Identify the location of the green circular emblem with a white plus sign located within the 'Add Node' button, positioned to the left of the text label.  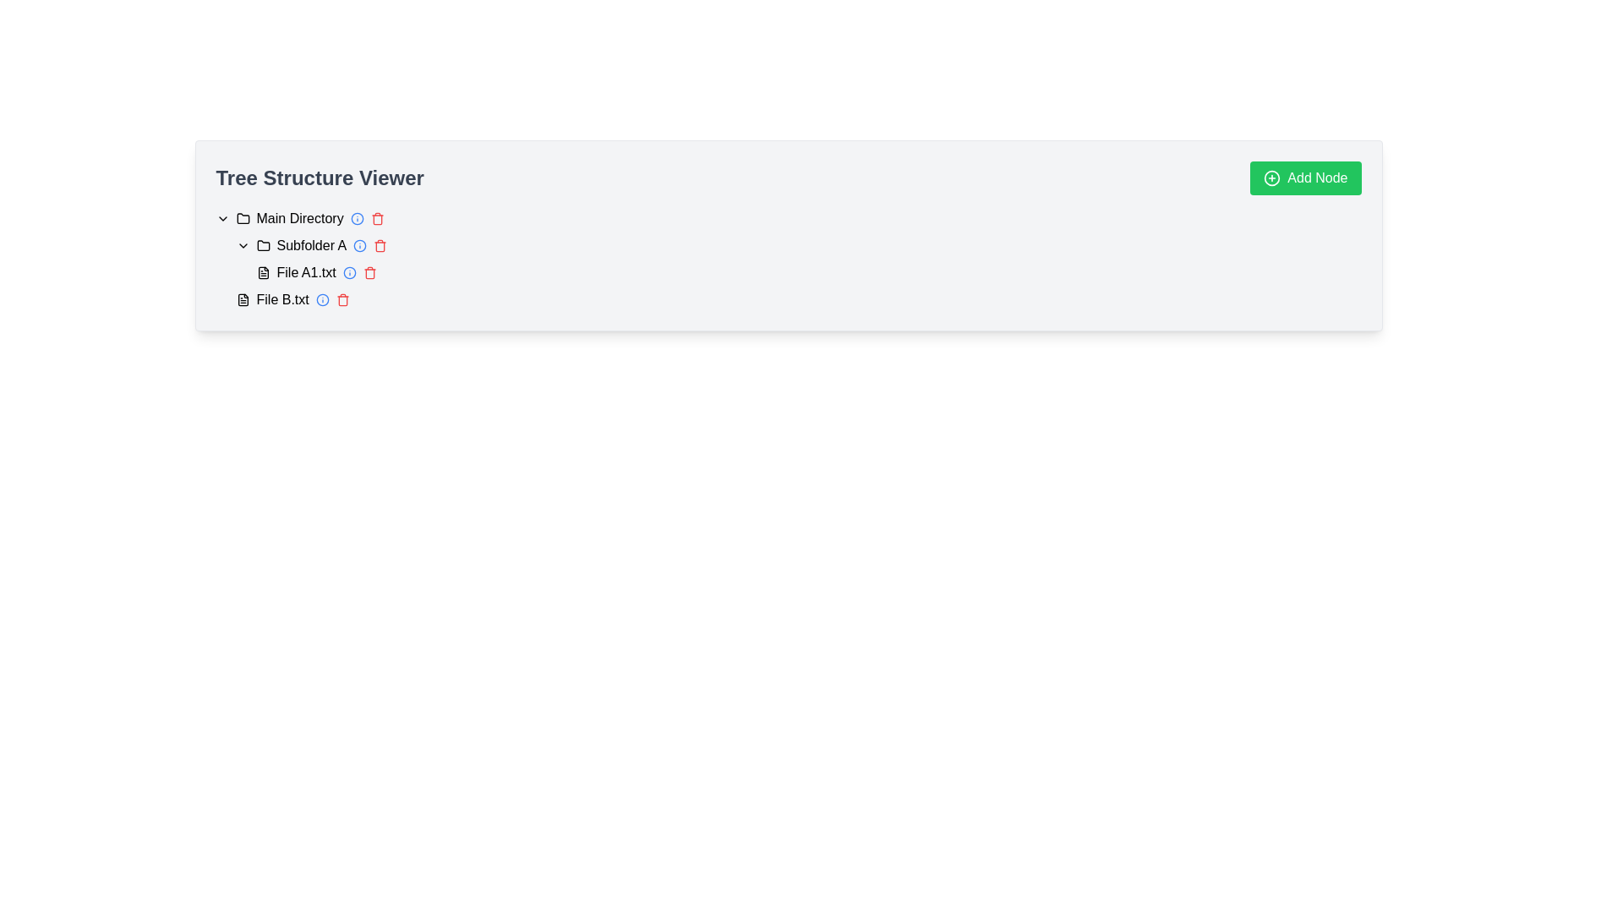
(1272, 178).